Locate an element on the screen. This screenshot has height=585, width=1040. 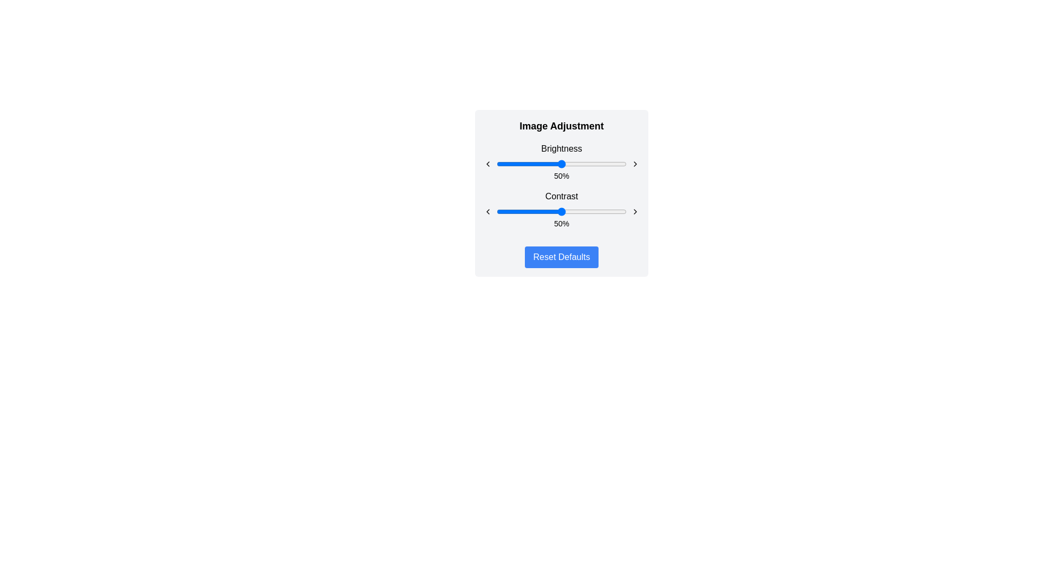
contrast is located at coordinates (522, 211).